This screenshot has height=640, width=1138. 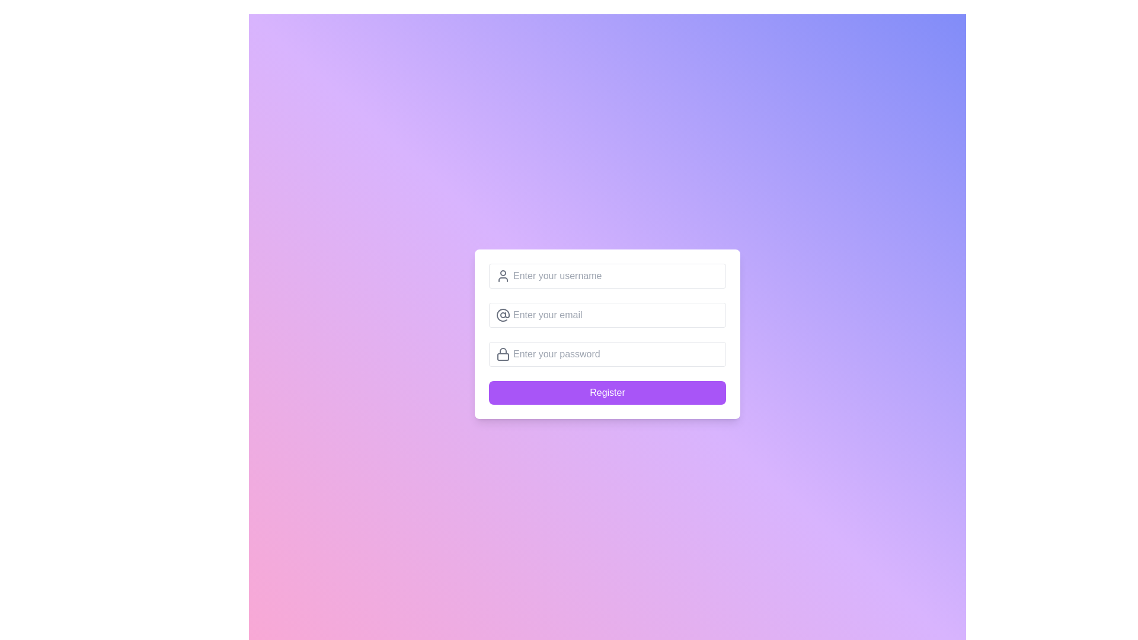 What do you see at coordinates (608, 315) in the screenshot?
I see `the email input field located` at bounding box center [608, 315].